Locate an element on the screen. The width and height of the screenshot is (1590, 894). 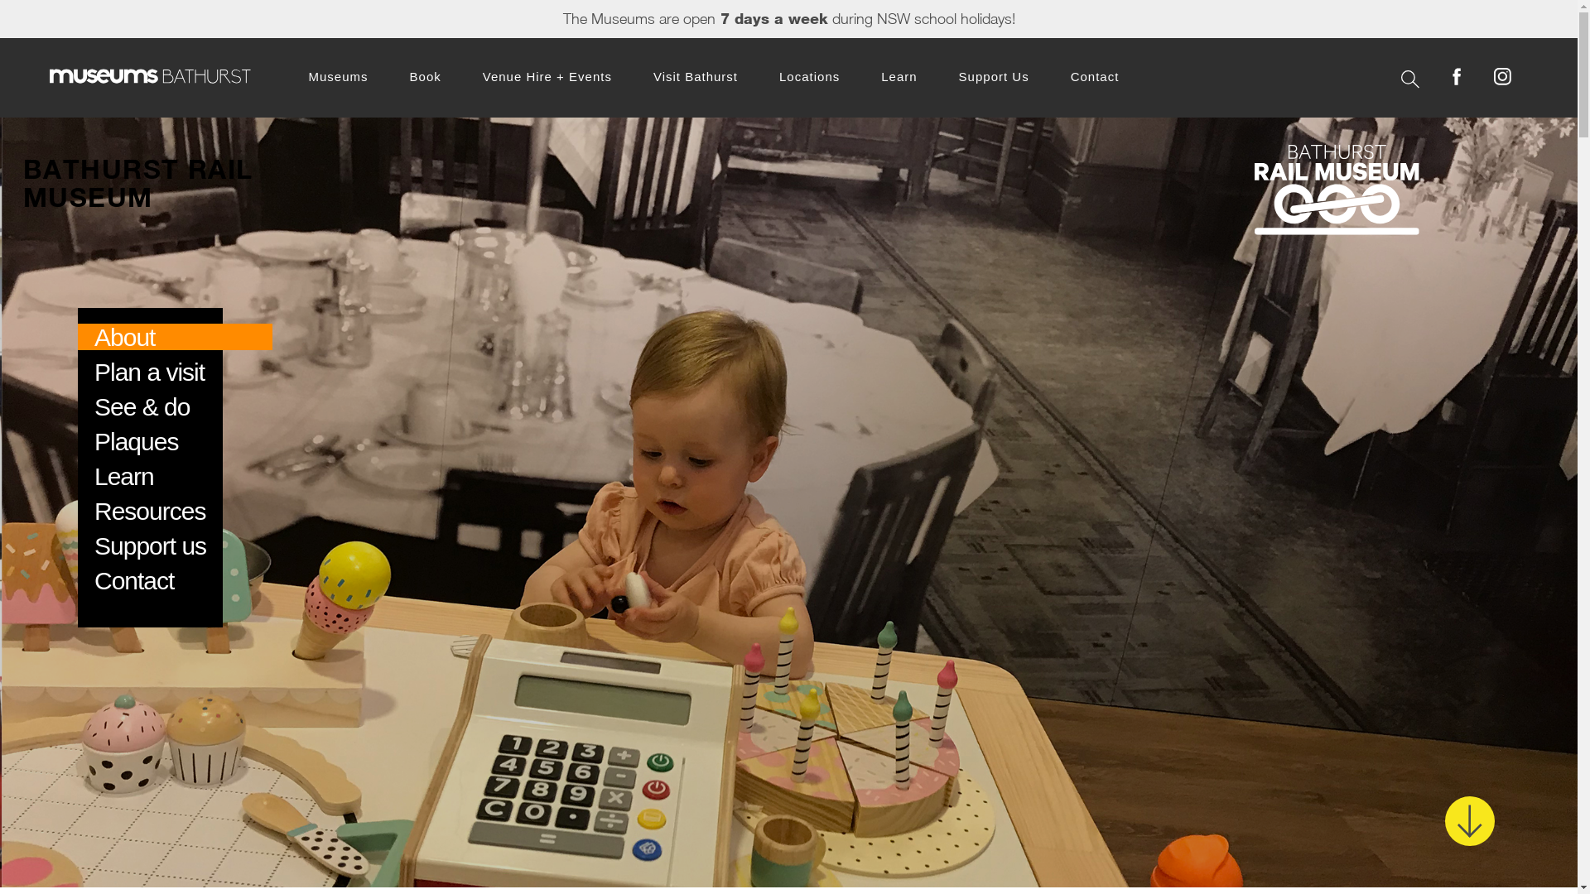
'Learn' is located at coordinates (898, 76).